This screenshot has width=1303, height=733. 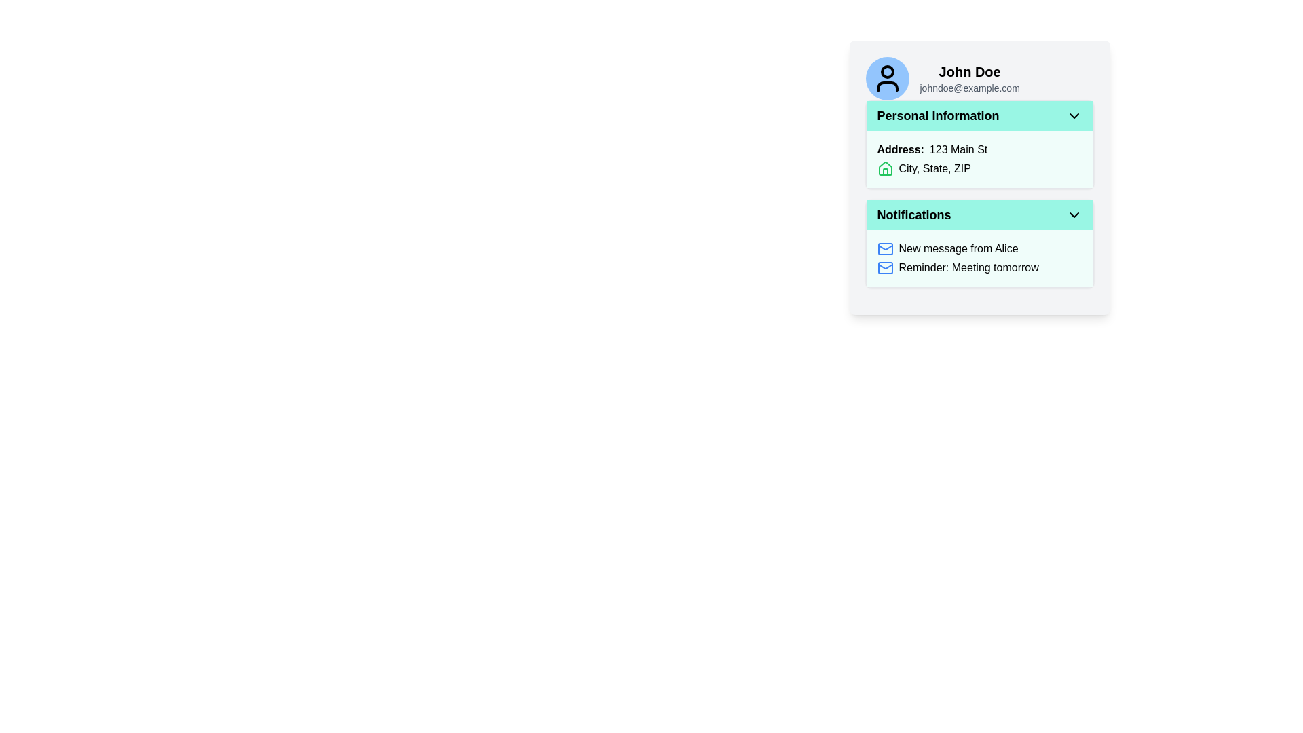 What do you see at coordinates (1073, 214) in the screenshot?
I see `the chevron icon located to the far right of the 'Notifications' header` at bounding box center [1073, 214].